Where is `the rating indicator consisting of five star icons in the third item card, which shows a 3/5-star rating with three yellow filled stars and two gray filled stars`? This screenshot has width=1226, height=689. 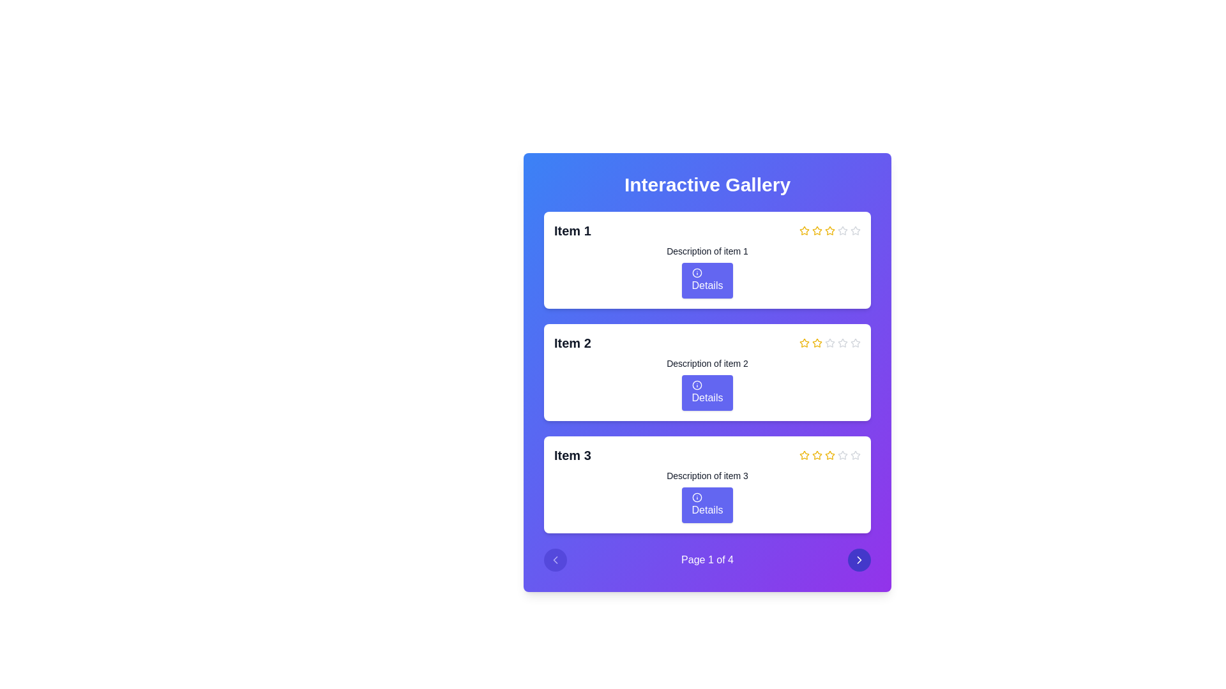 the rating indicator consisting of five star icons in the third item card, which shows a 3/5-star rating with three yellow filled stars and two gray filled stars is located at coordinates (830, 454).